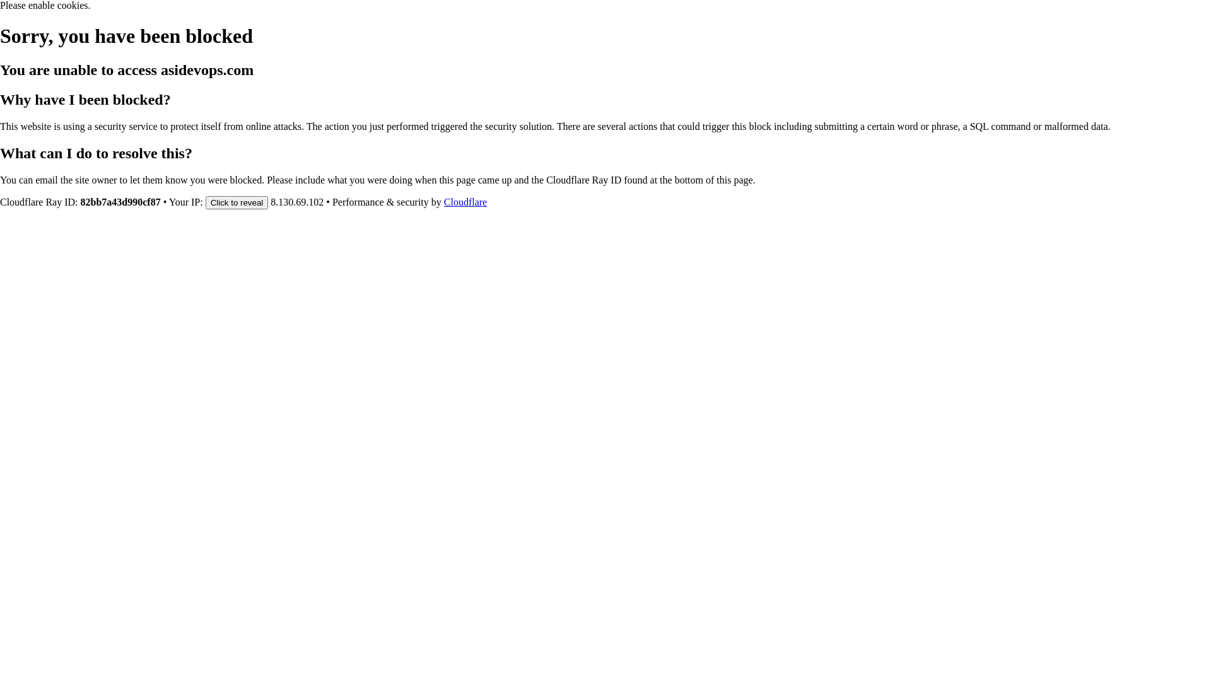  I want to click on 'Click to reveal', so click(206, 201).